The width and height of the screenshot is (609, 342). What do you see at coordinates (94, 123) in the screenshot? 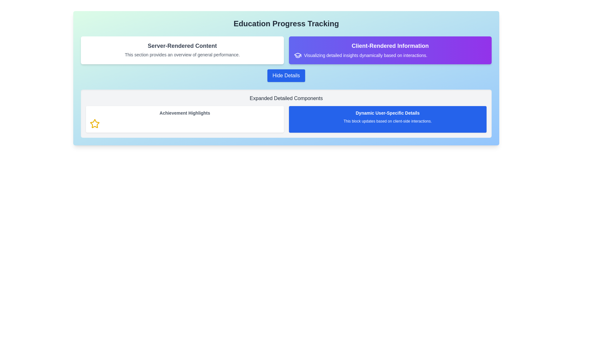
I see `the yellow outlined star icon located in the 'Achievement Highlights' section, which has a hollow interior and five pointed arms` at bounding box center [94, 123].